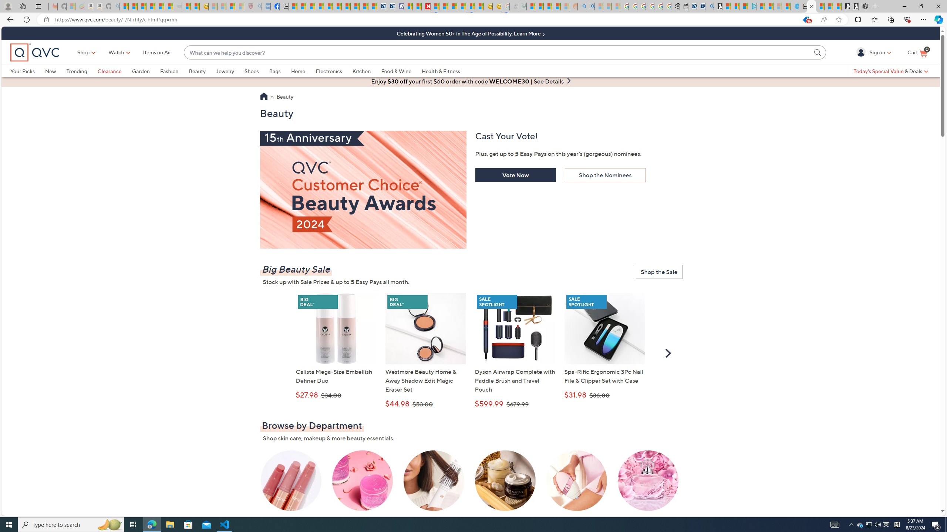 This screenshot has height=532, width=947. What do you see at coordinates (27, 71) in the screenshot?
I see `'Your Picks'` at bounding box center [27, 71].